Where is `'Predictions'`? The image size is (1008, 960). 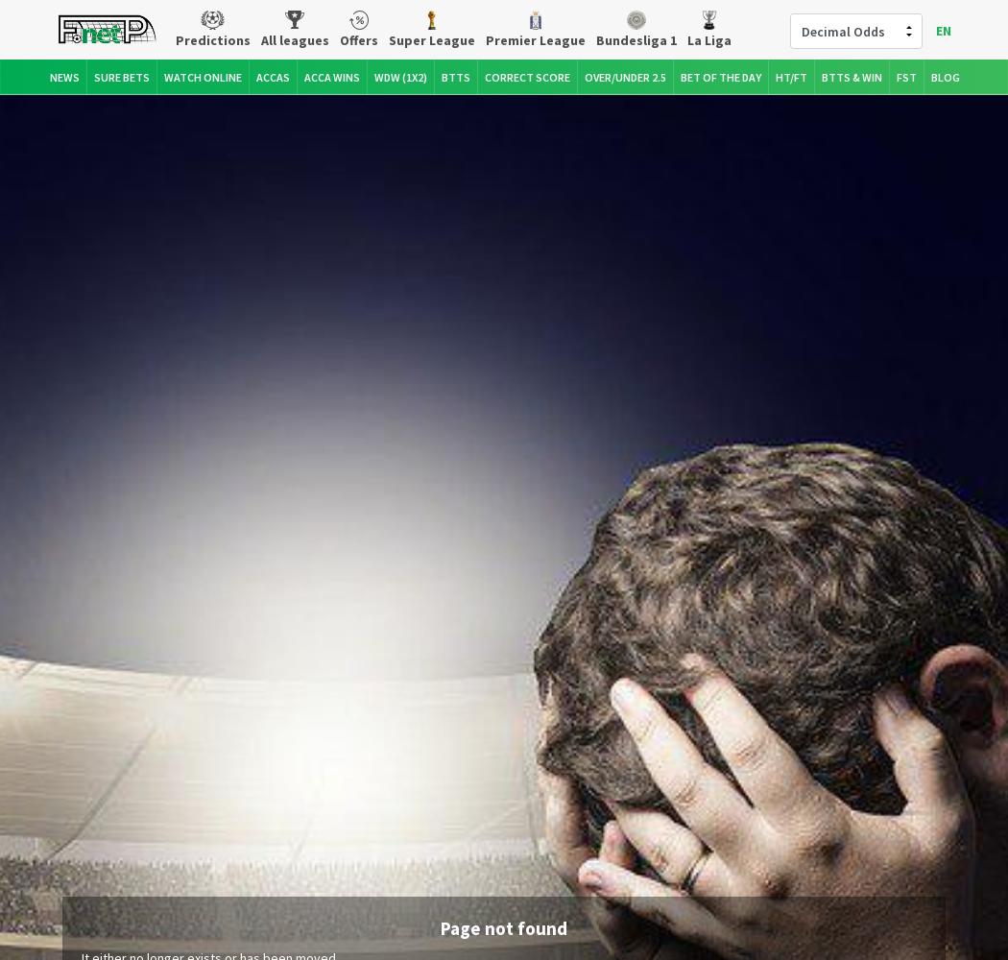 'Predictions' is located at coordinates (211, 39).